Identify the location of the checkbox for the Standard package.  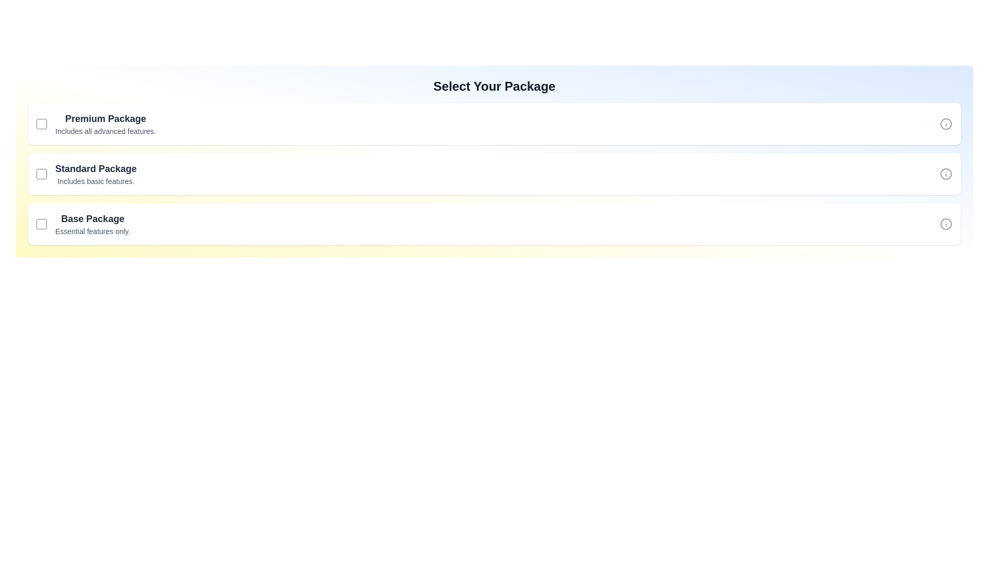
(42, 174).